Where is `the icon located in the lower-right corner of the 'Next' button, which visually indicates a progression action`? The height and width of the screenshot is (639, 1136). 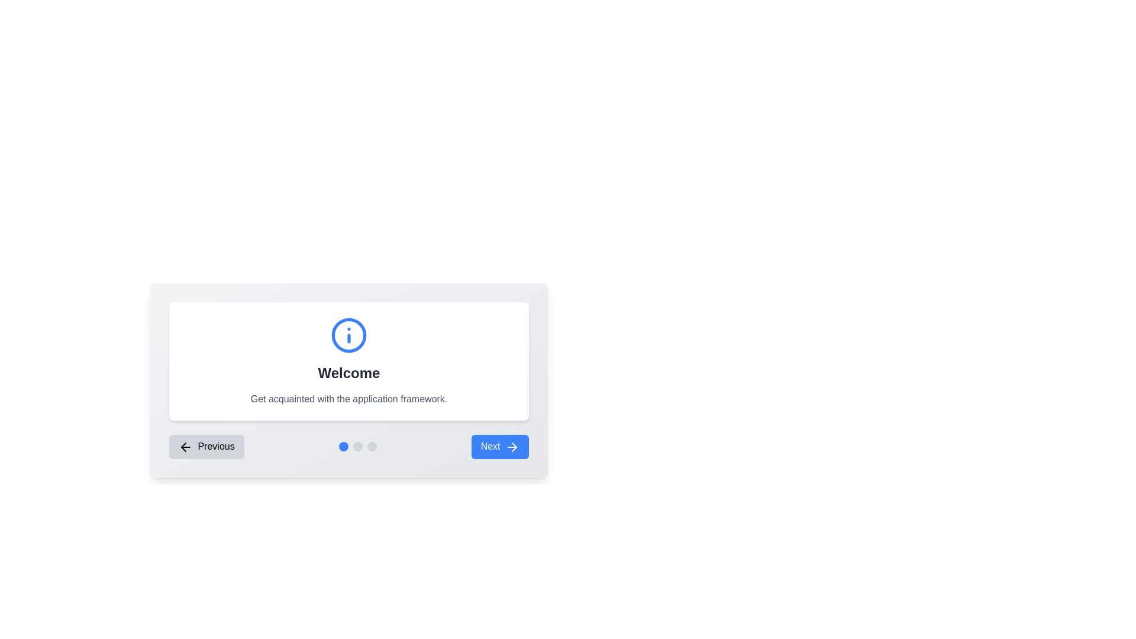
the icon located in the lower-right corner of the 'Next' button, which visually indicates a progression action is located at coordinates (512, 447).